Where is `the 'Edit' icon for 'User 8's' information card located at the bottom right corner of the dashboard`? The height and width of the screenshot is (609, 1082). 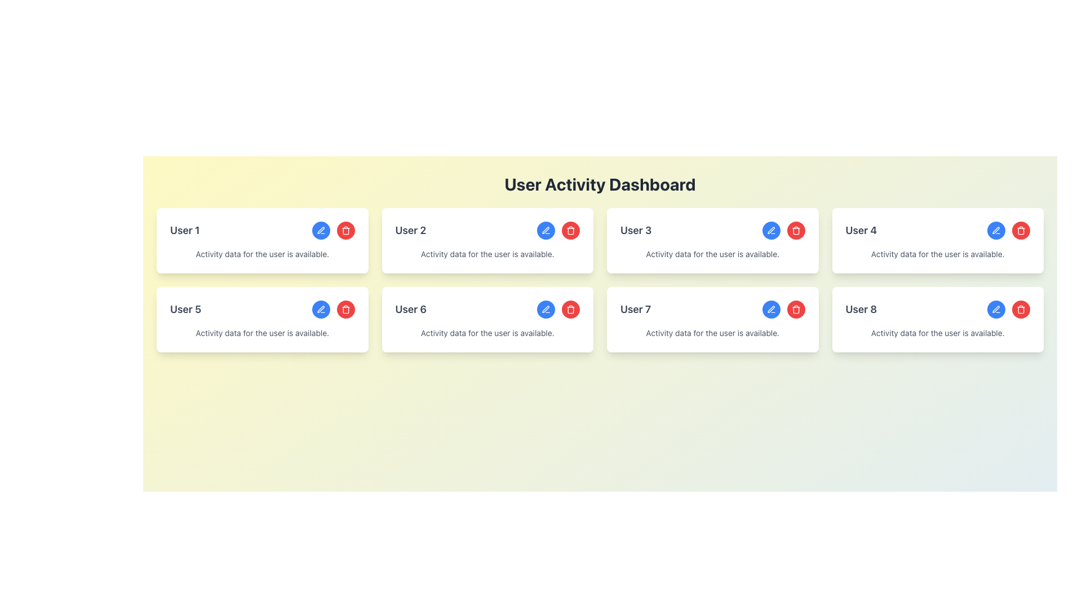
the 'Edit' icon for 'User 8's' information card located at the bottom right corner of the dashboard is located at coordinates (996, 309).